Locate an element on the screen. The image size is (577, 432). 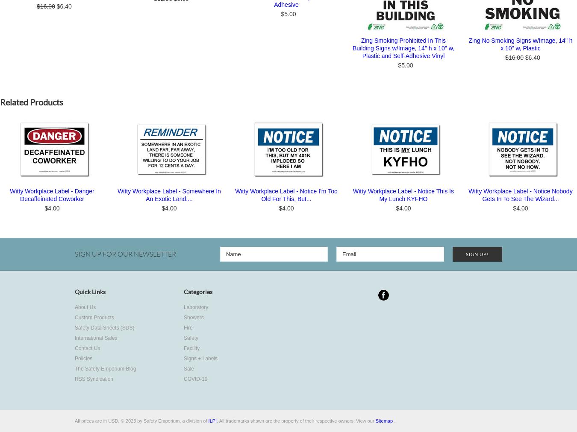
'Quick Links' is located at coordinates (90, 292).